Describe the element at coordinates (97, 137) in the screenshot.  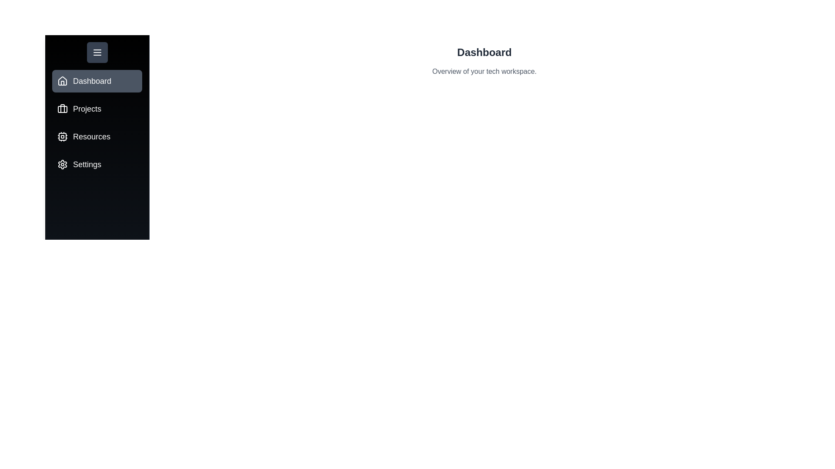
I see `the tab Resources from the available options` at that location.